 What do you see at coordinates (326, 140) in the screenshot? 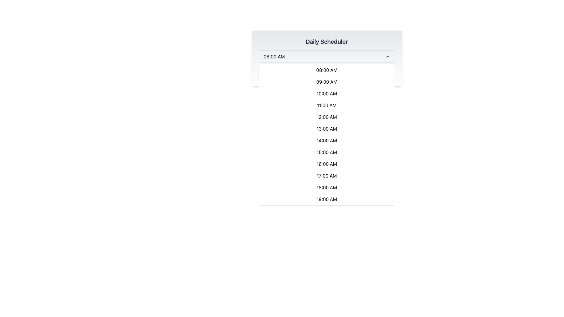
I see `the 7th selectable time option in the dropdown list` at bounding box center [326, 140].